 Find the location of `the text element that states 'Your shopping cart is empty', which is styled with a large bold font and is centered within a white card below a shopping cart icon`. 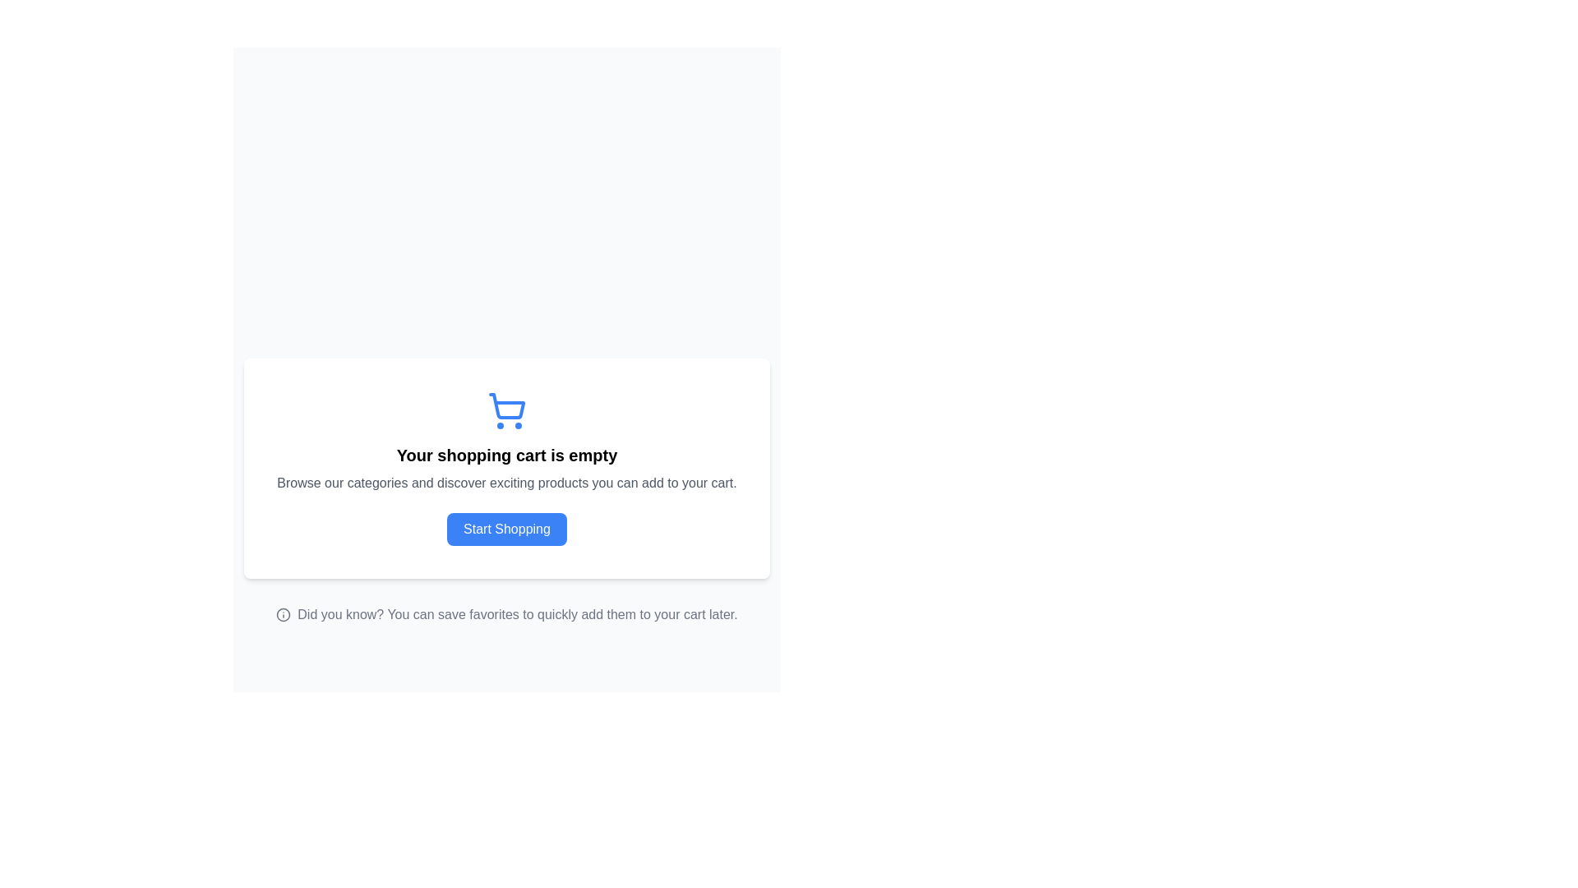

the text element that states 'Your shopping cart is empty', which is styled with a large bold font and is centered within a white card below a shopping cart icon is located at coordinates (506, 456).